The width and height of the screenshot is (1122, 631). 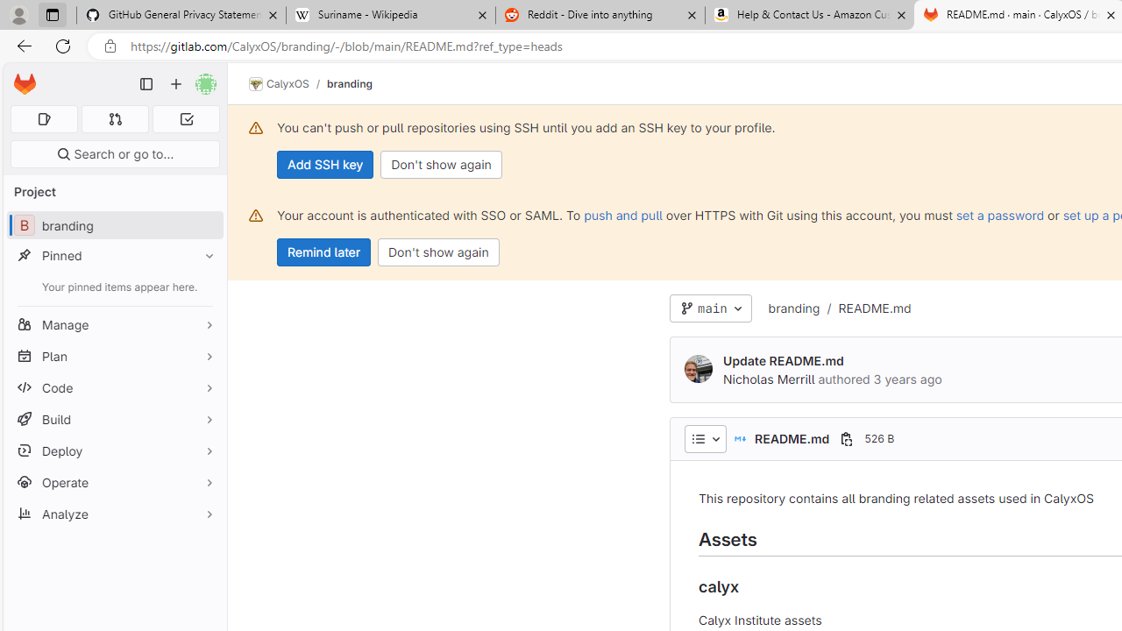 I want to click on 'Analyze', so click(x=114, y=513).